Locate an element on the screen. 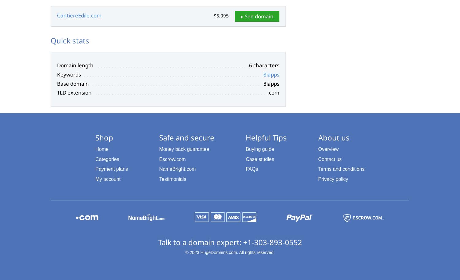  'Buying guide' is located at coordinates (259, 148).